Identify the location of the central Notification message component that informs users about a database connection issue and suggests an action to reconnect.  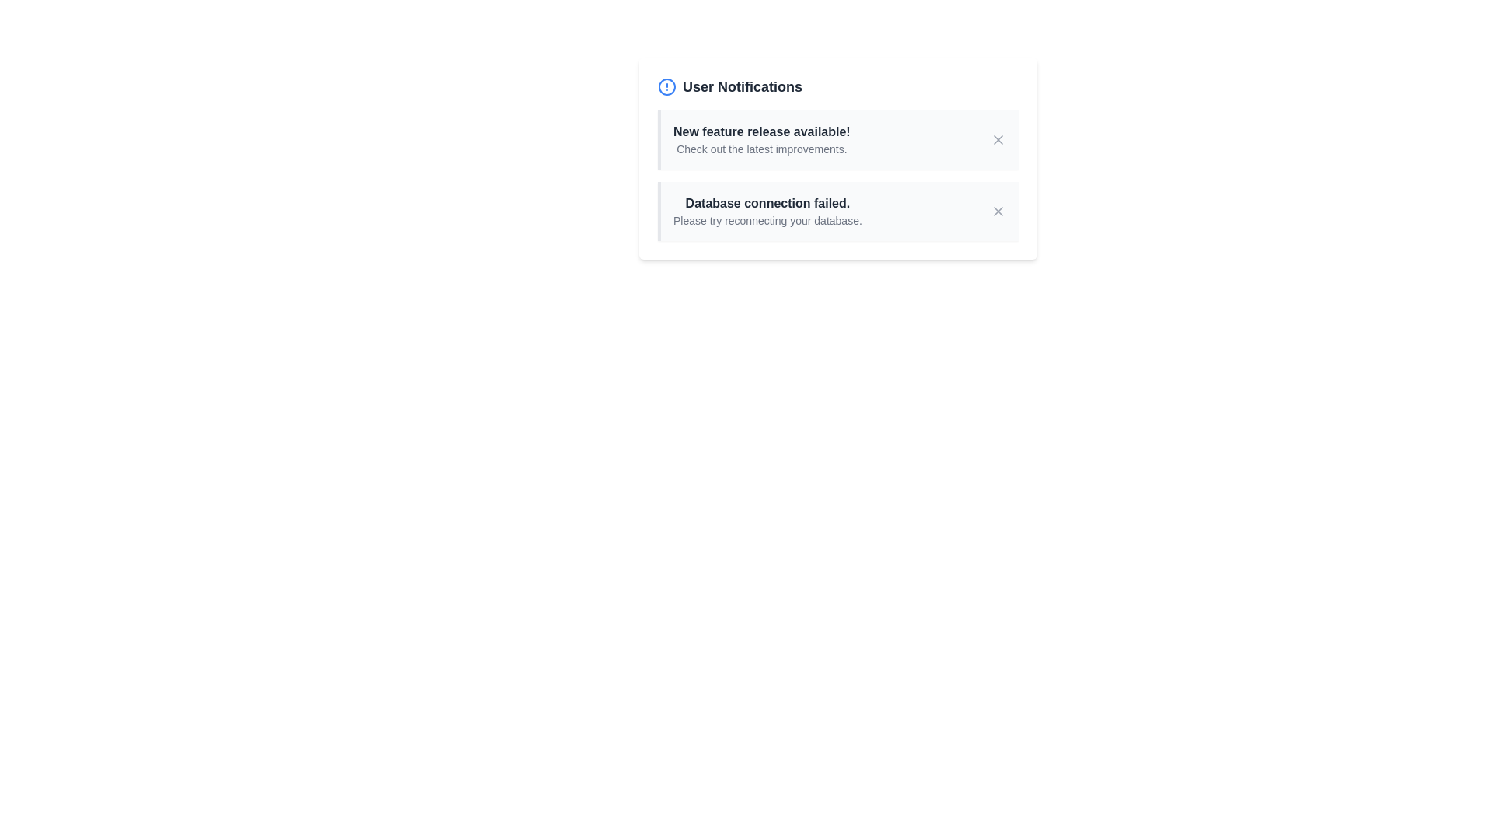
(767, 212).